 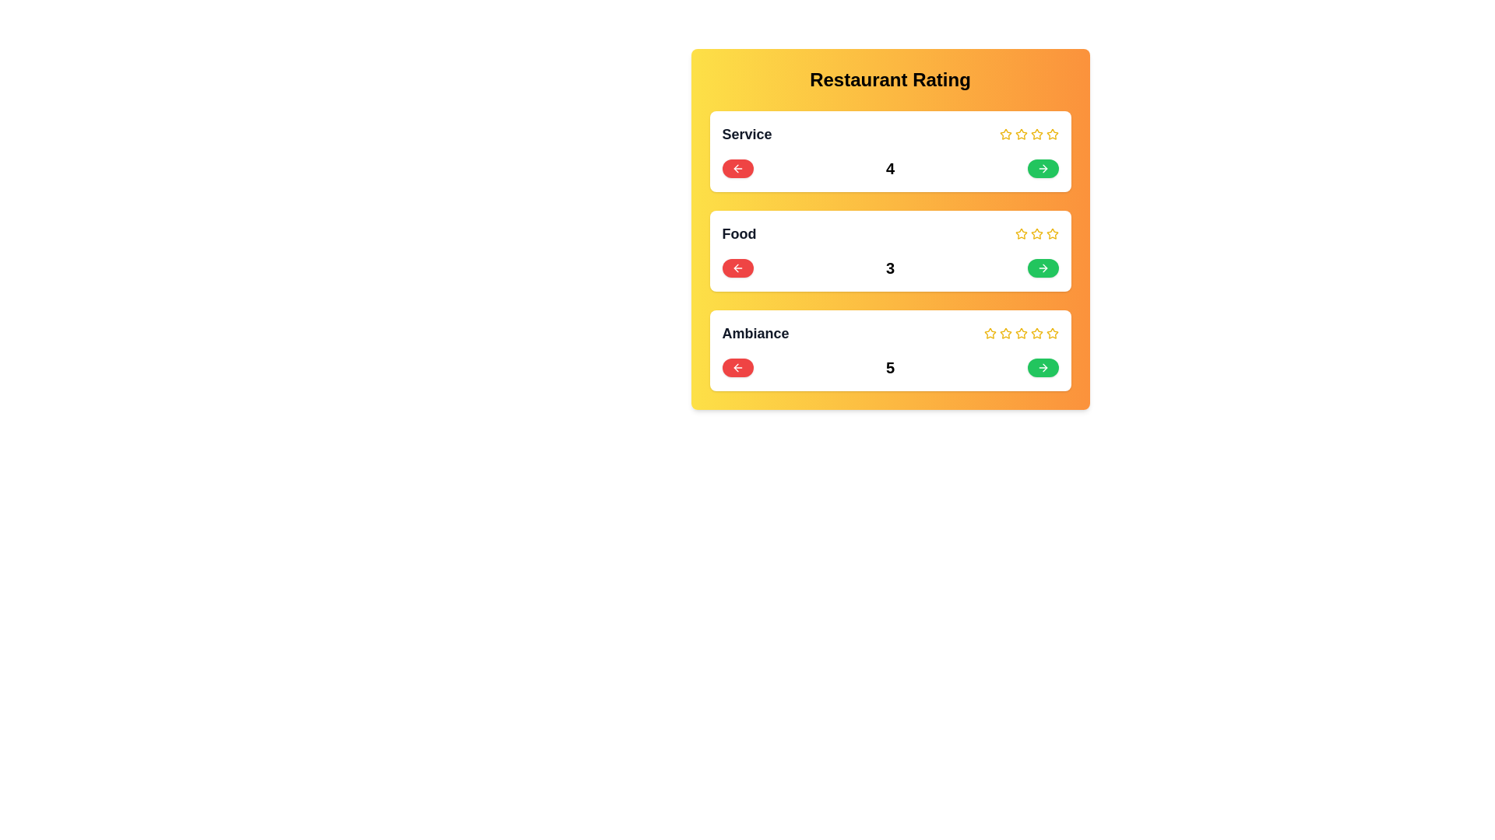 I want to click on the fourth star icon in the rating system under the 'Ambiance' section, which has a hollow appearance and a yellow border, so click(x=1021, y=332).